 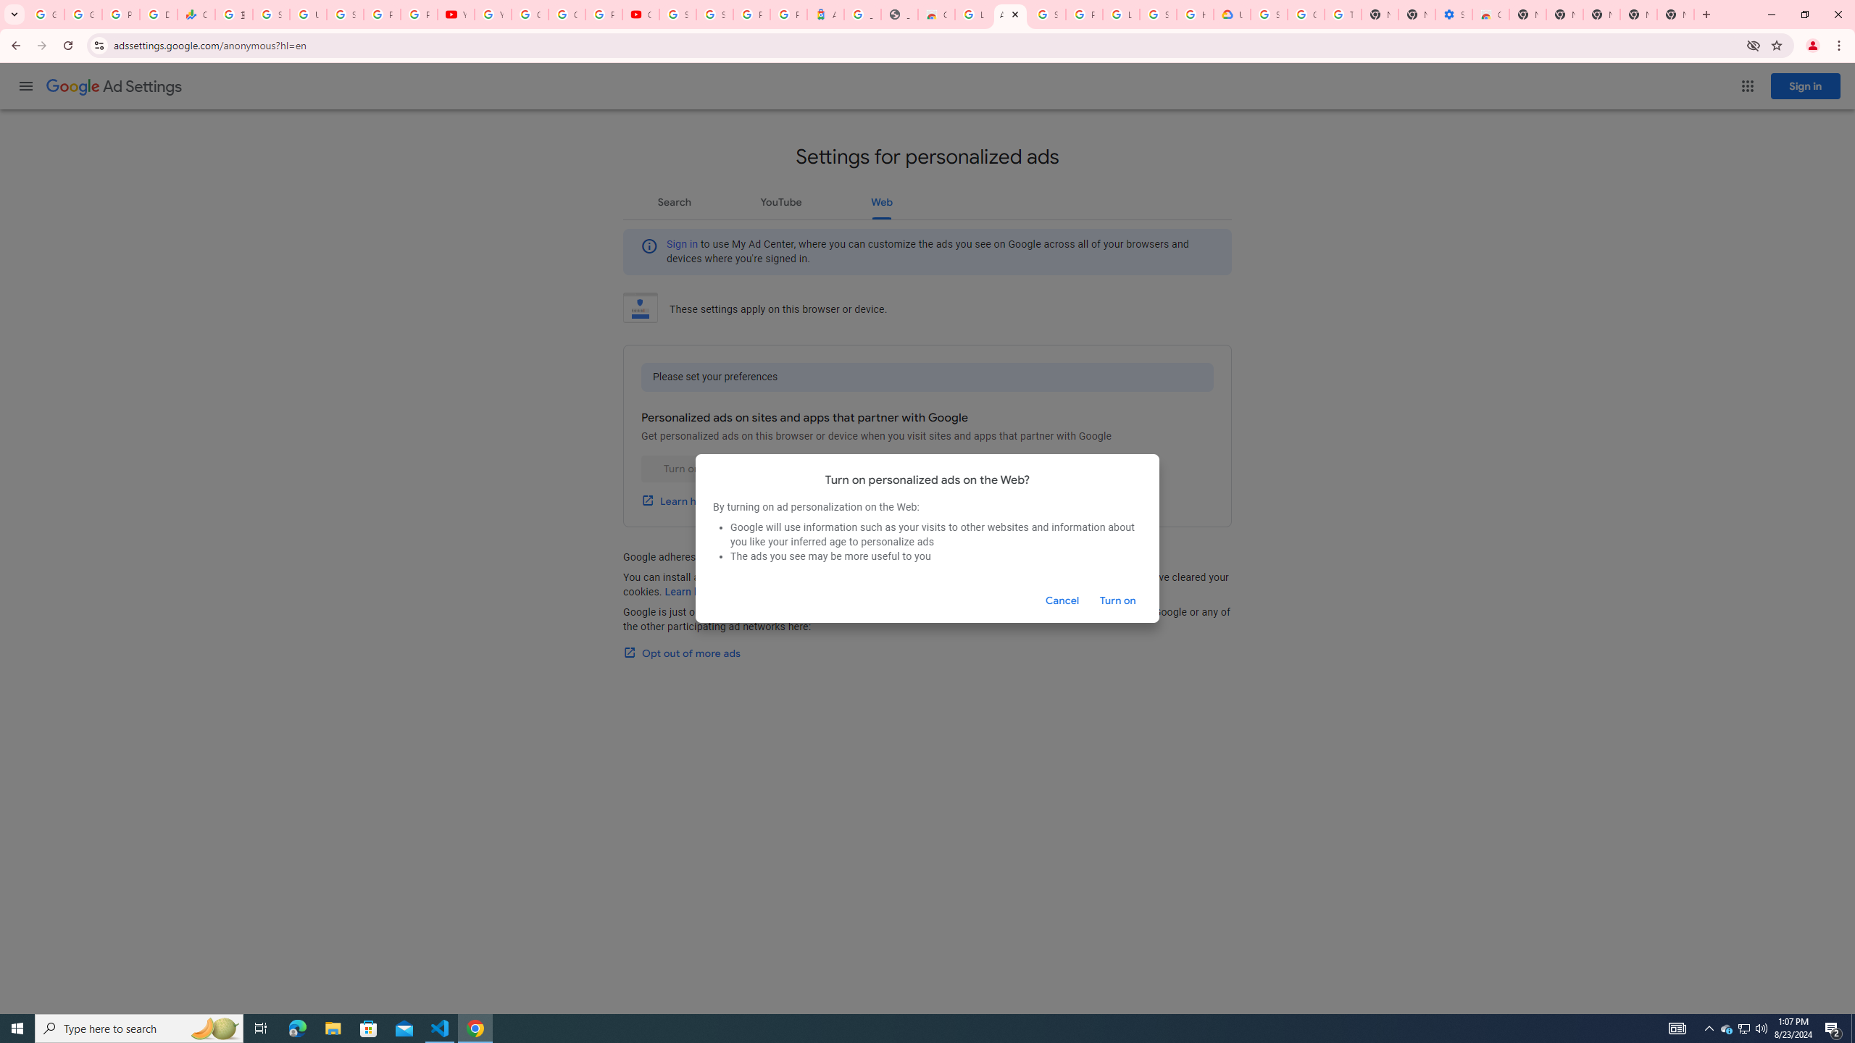 I want to click on 'Settings - Accessibility', so click(x=1453, y=14).